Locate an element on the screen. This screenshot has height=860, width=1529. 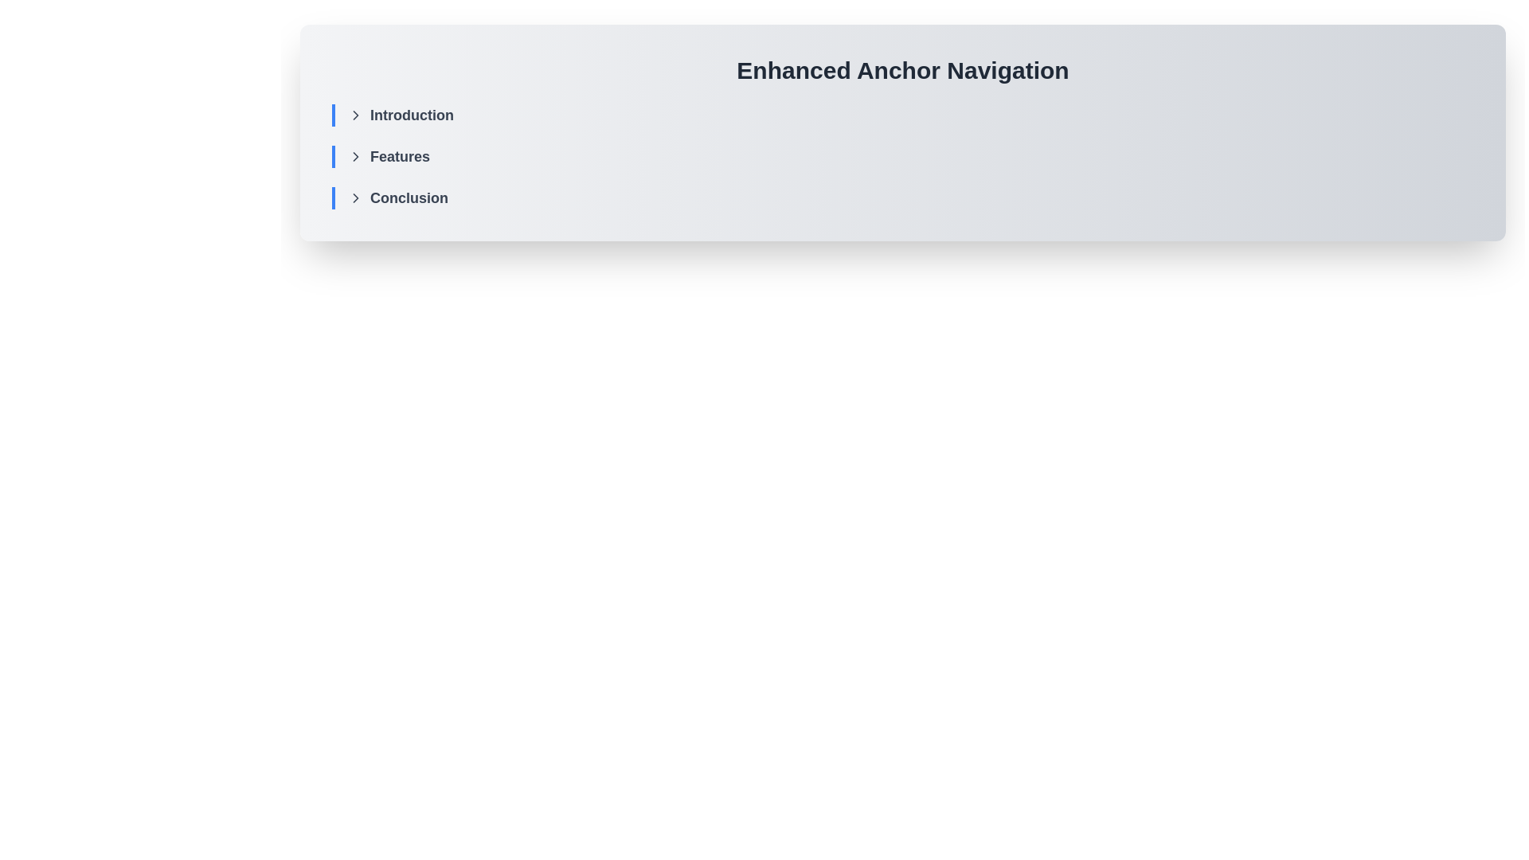
the chevron icon next to the 'Conclusion' section in the Enhanced Anchor Navigation is located at coordinates (354, 197).